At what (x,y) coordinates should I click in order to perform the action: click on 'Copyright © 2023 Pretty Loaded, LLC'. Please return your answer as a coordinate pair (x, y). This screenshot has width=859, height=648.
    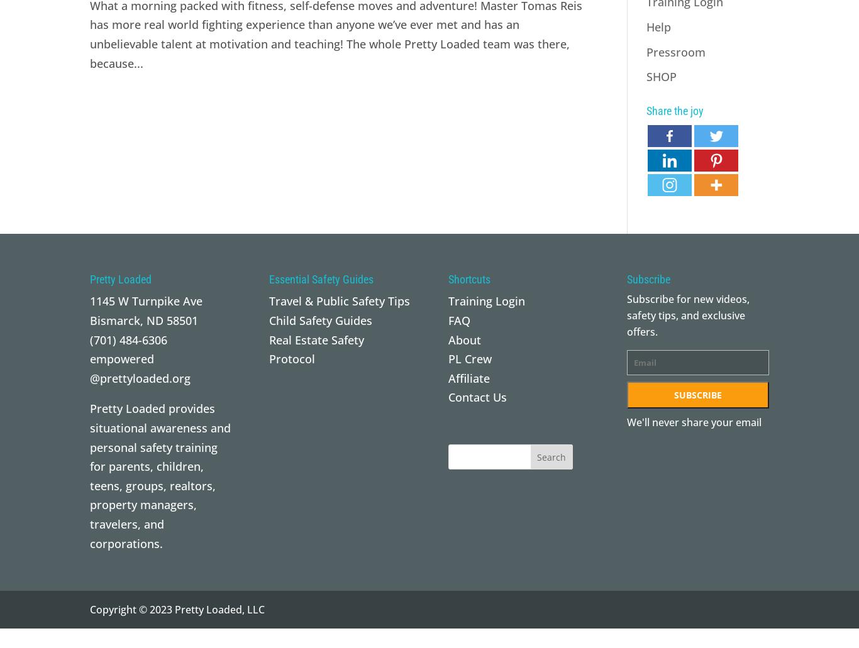
    Looking at the image, I should click on (177, 608).